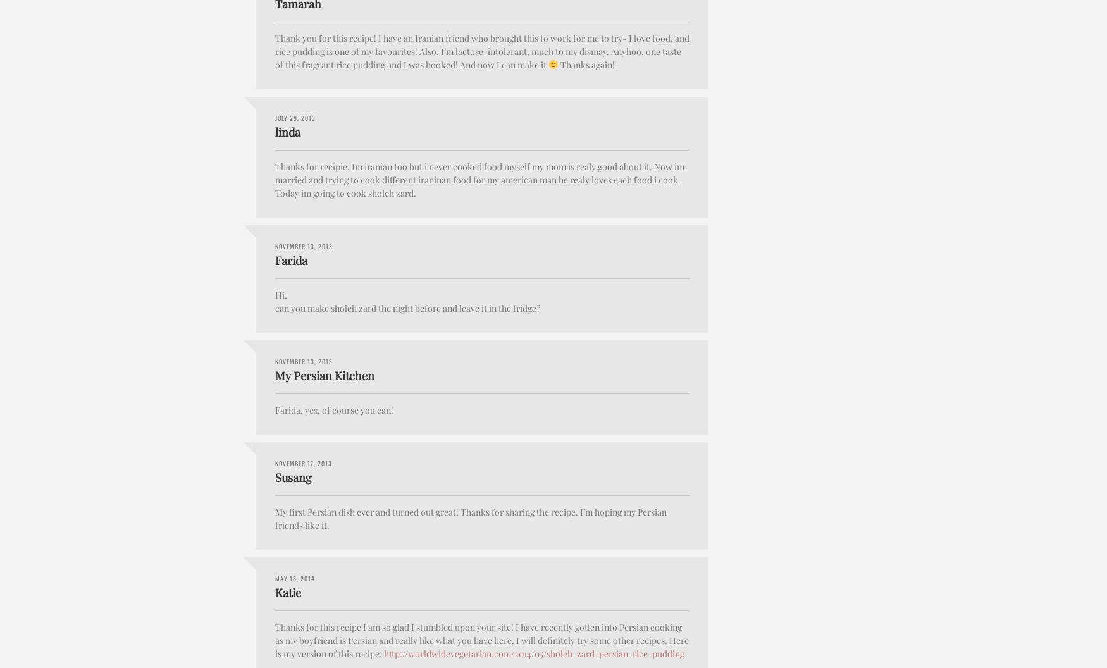  What do you see at coordinates (471, 518) in the screenshot?
I see `'My first Persian dish ever and turned out great! Thanks for sharing the recipe. I’m hoping my Persian friends like it.'` at bounding box center [471, 518].